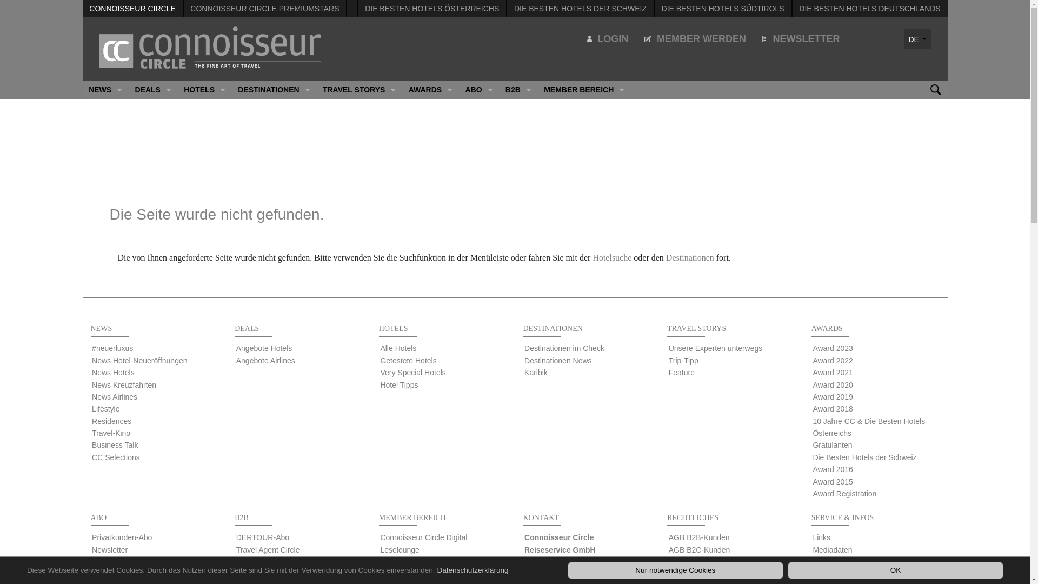 This screenshot has height=584, width=1038. What do you see at coordinates (863, 457) in the screenshot?
I see `'Die Besten Hotels der Schweiz'` at bounding box center [863, 457].